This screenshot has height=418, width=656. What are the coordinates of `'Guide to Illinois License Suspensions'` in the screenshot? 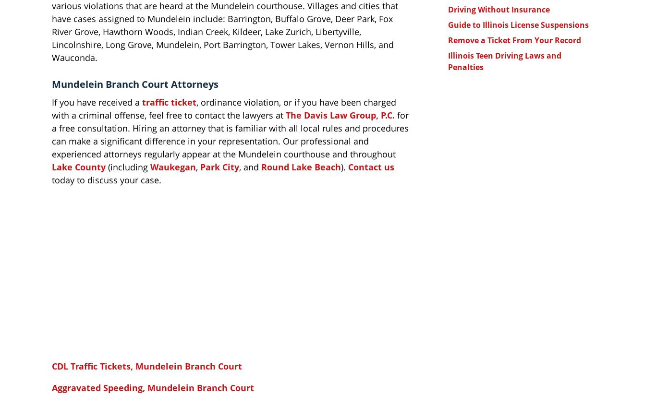 It's located at (518, 24).